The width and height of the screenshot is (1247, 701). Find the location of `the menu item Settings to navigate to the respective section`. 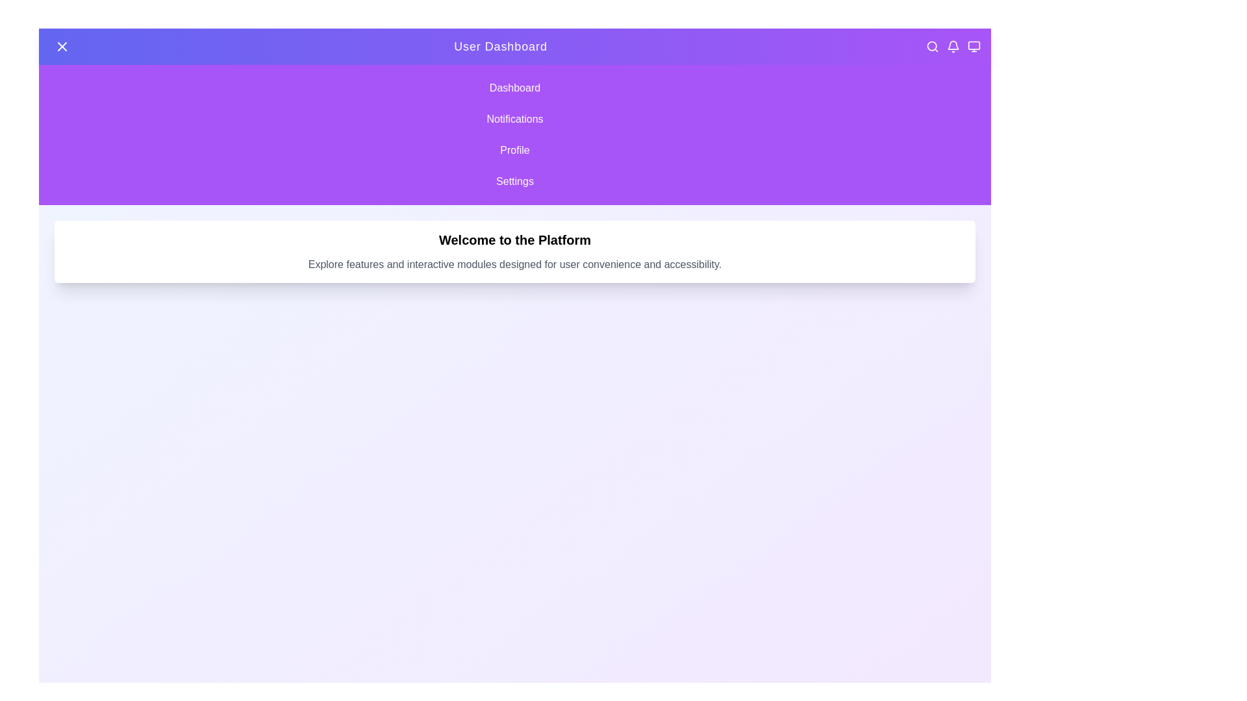

the menu item Settings to navigate to the respective section is located at coordinates (514, 182).